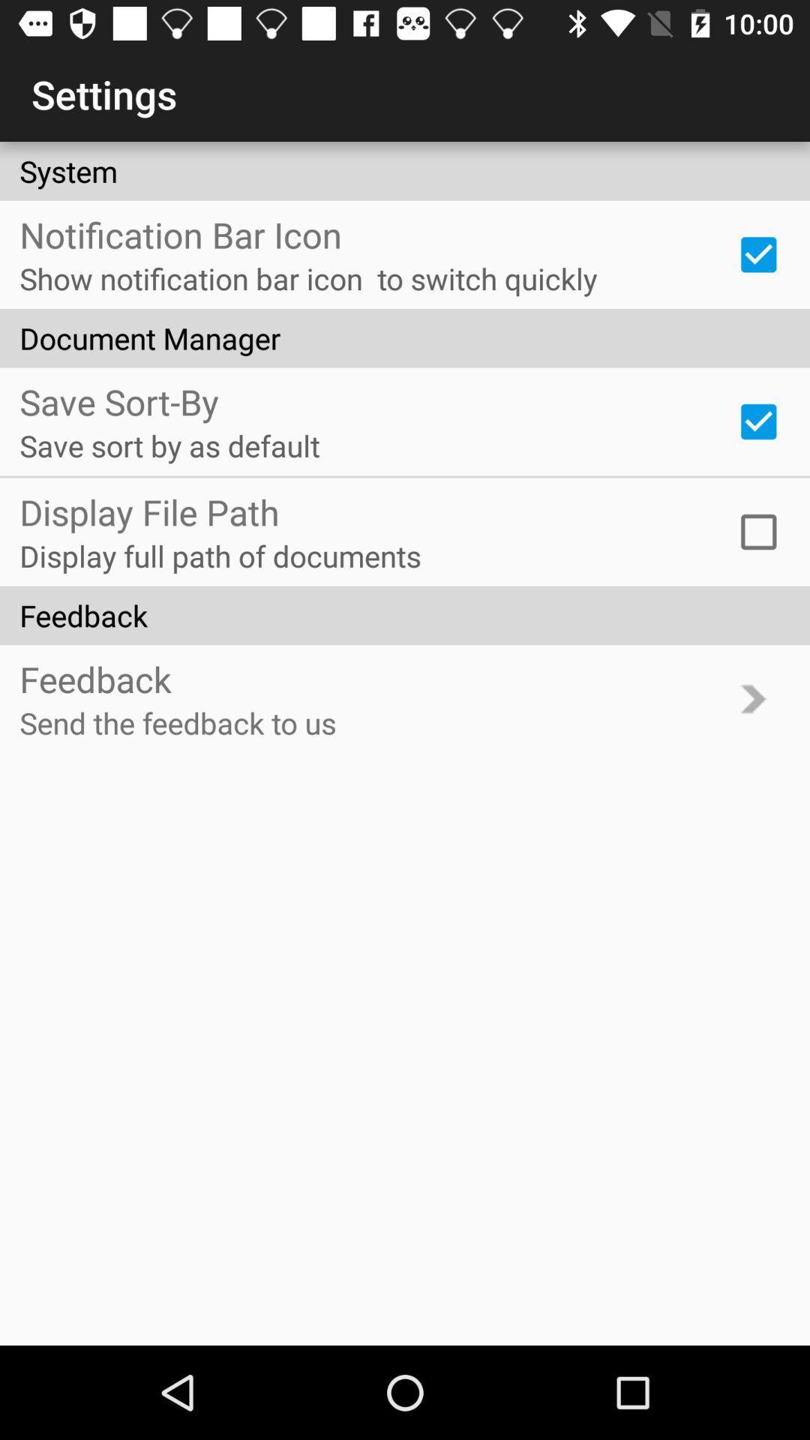 Image resolution: width=810 pixels, height=1440 pixels. What do you see at coordinates (758, 532) in the screenshot?
I see `on` at bounding box center [758, 532].